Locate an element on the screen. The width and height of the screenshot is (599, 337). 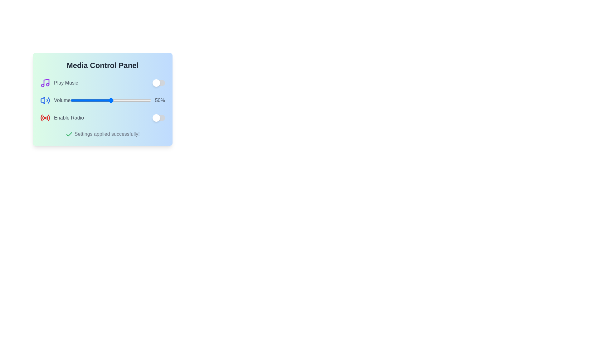
the volume slider control located within the 'Media Control Panel' card, positioned between the 'Volume' label and the '50%' text is located at coordinates (111, 100).